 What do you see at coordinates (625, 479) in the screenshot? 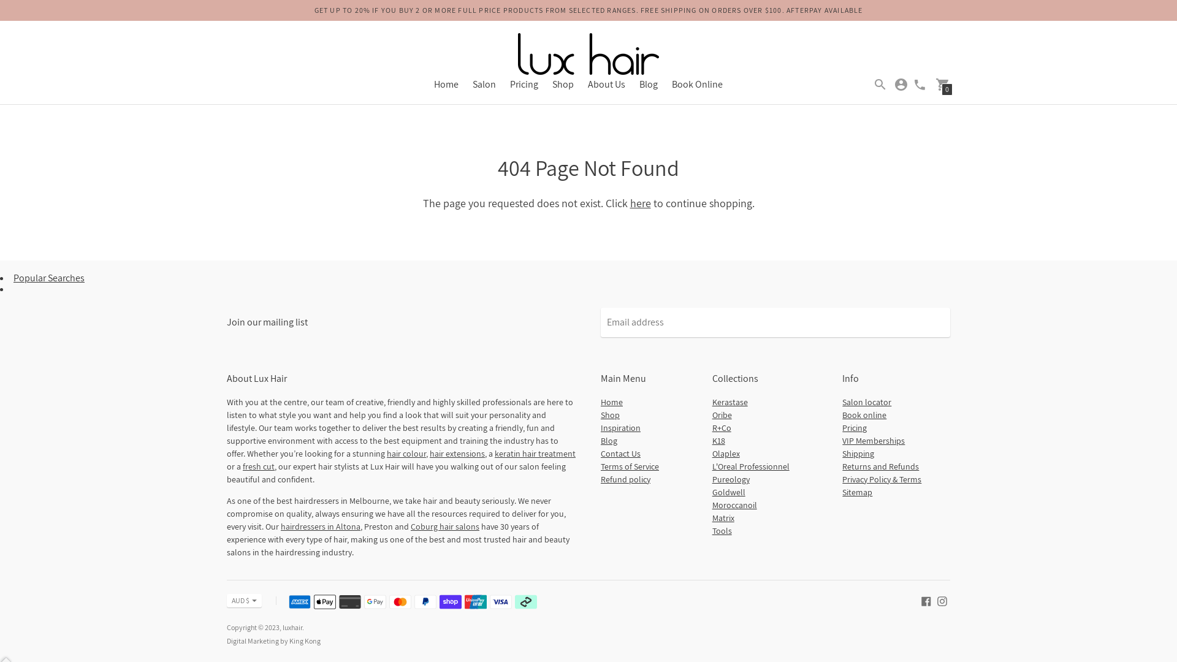
I see `'Refund policy'` at bounding box center [625, 479].